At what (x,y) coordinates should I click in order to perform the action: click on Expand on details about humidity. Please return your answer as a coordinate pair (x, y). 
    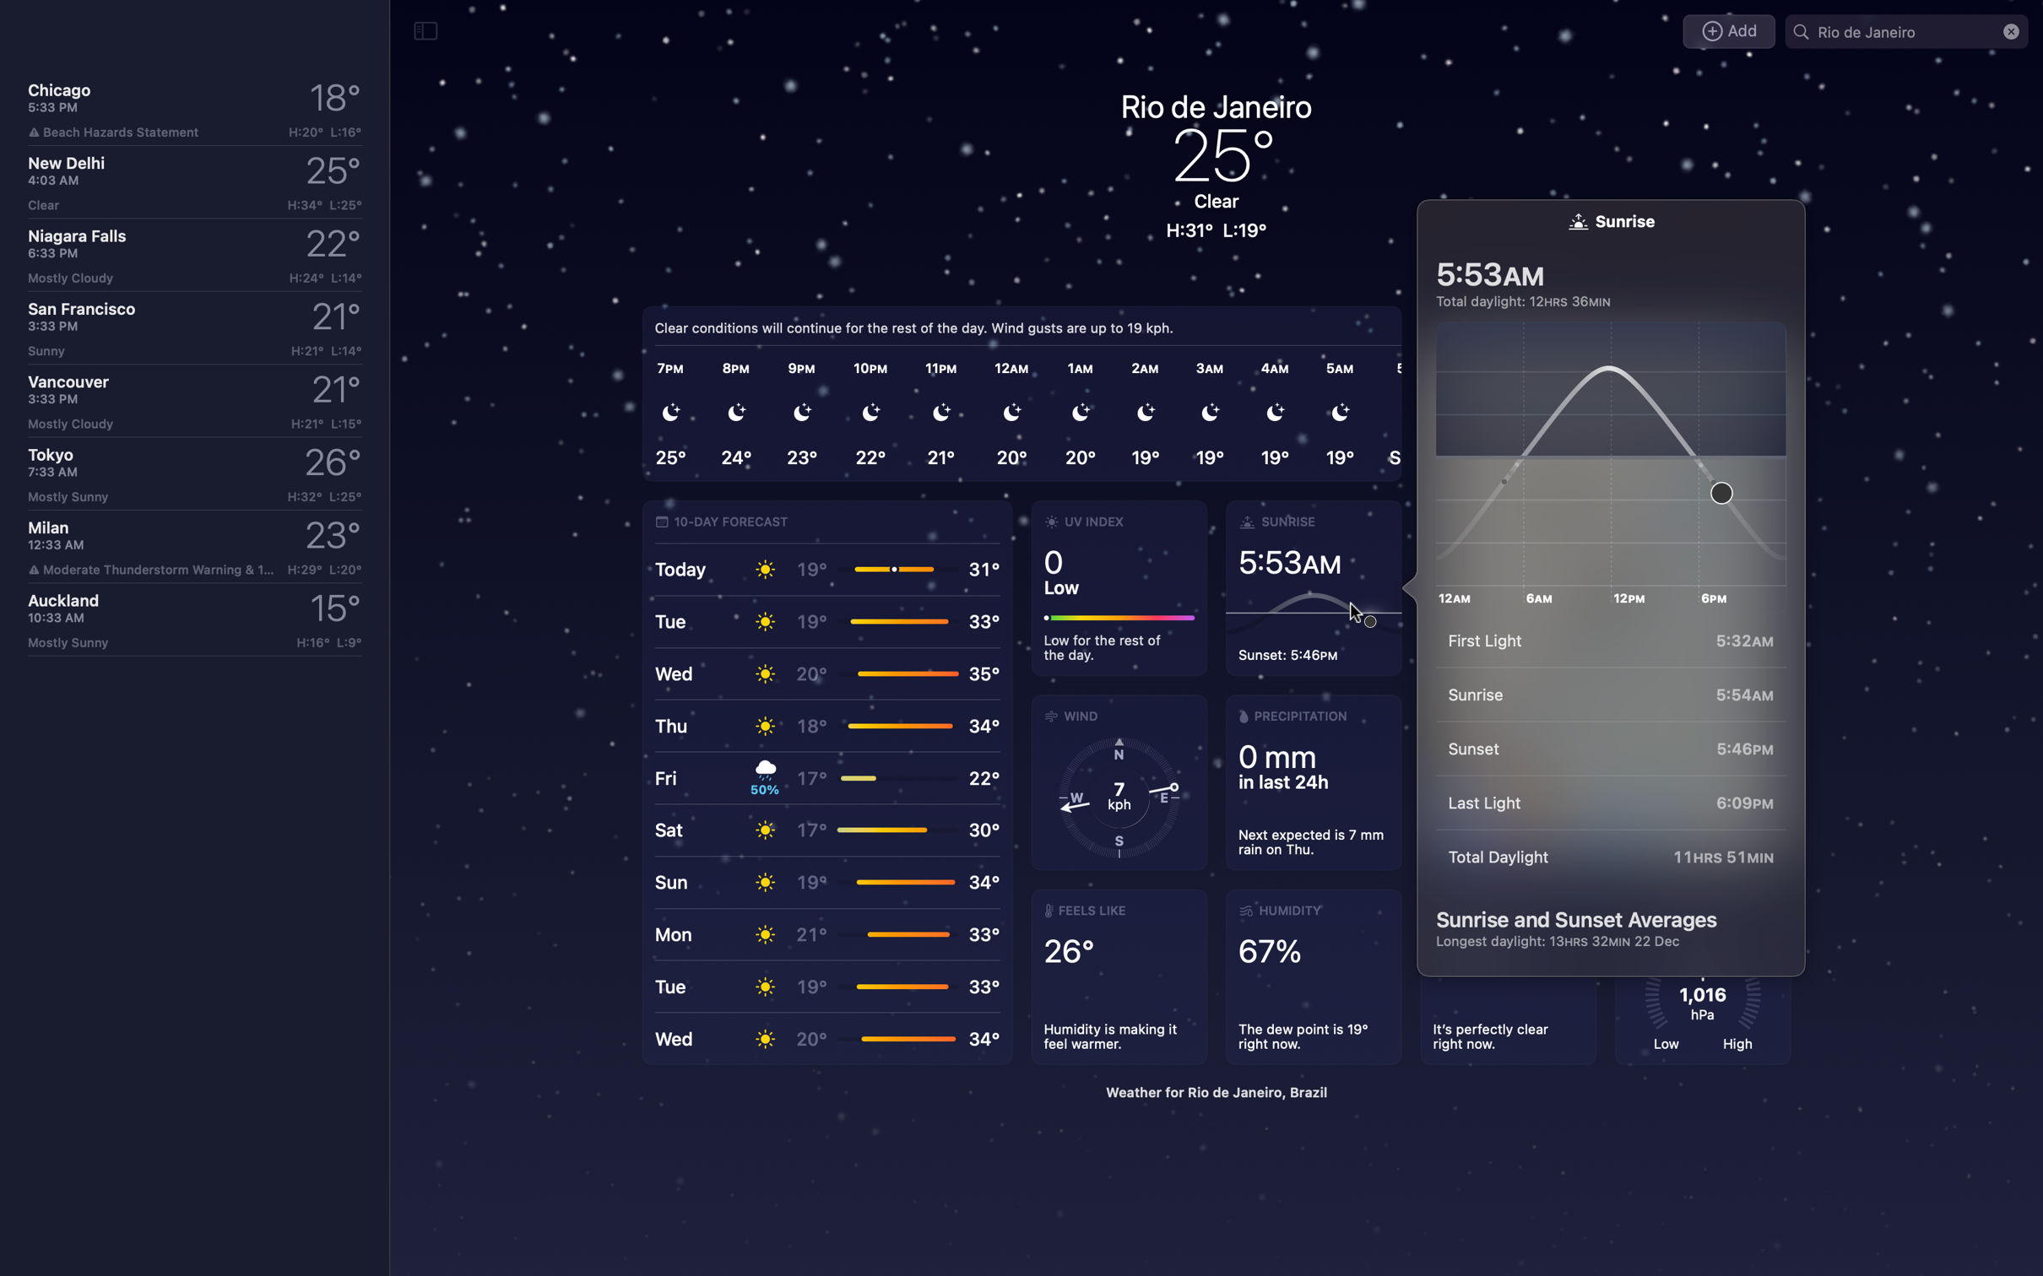
    Looking at the image, I should click on (1317, 977).